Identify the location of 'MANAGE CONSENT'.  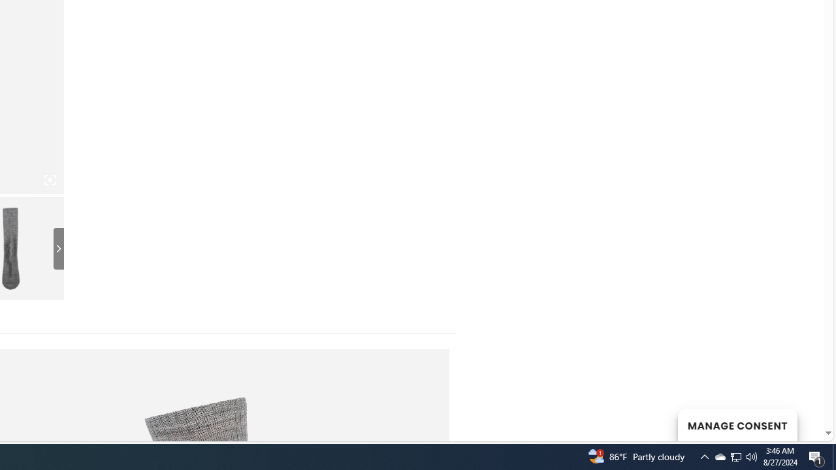
(737, 424).